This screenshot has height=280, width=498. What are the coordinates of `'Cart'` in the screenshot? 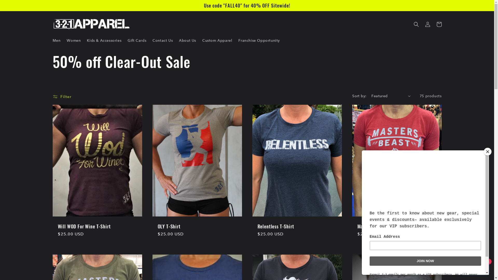 It's located at (438, 24).